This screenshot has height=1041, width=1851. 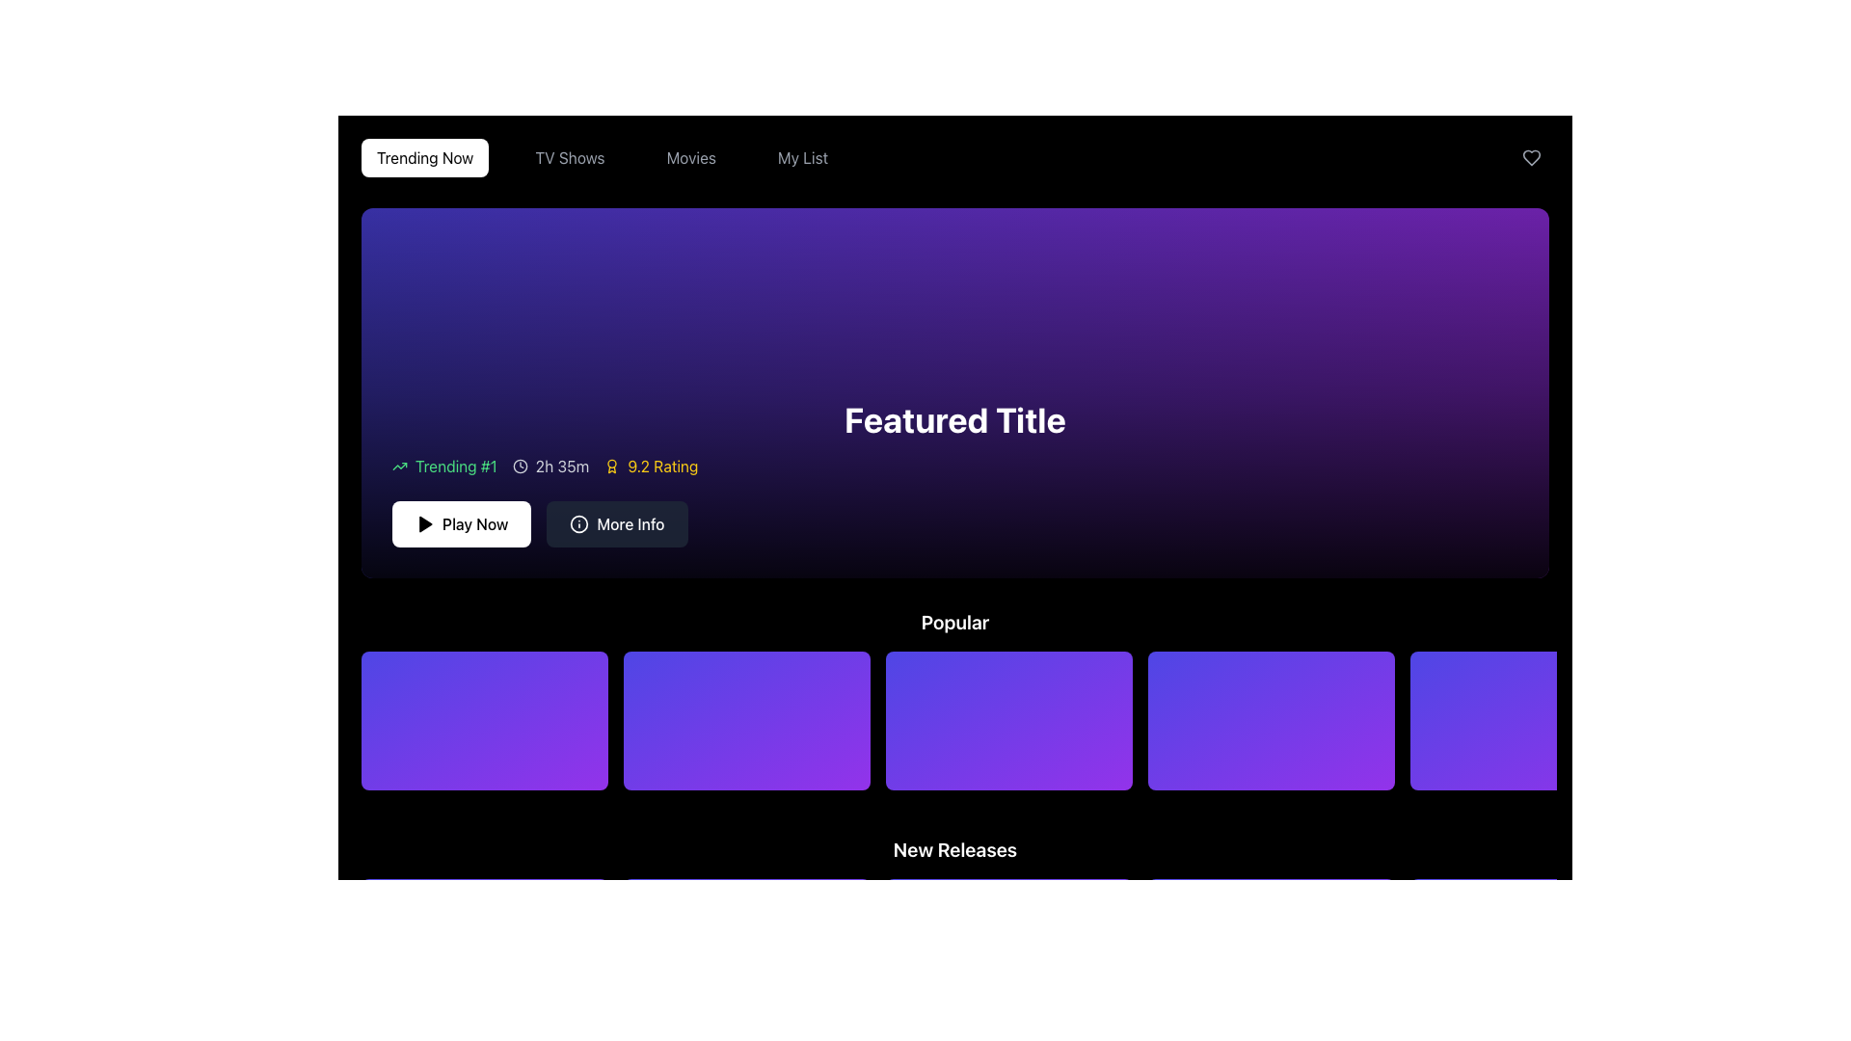 I want to click on the triangular black play button icon located to the left of the 'Play Now' text, so click(x=424, y=523).